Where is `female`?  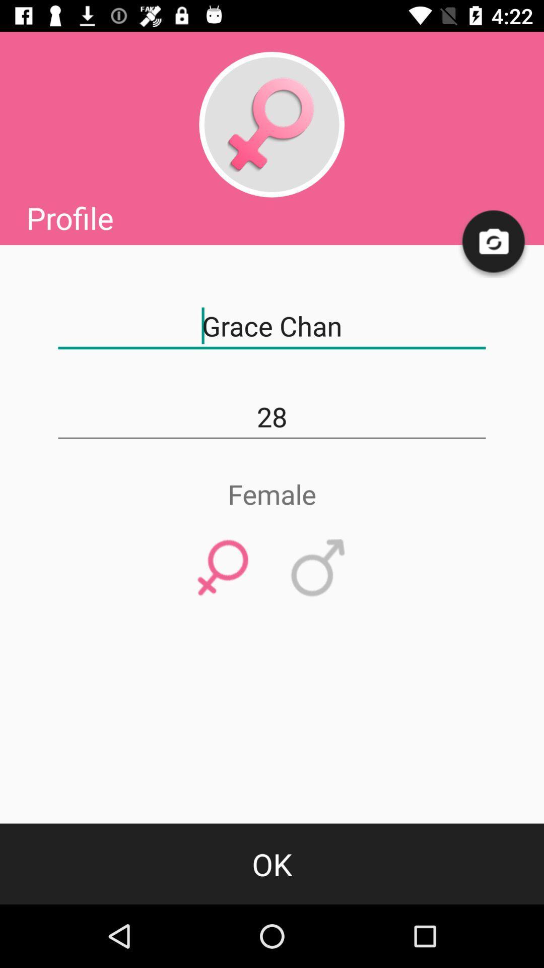 female is located at coordinates (223, 568).